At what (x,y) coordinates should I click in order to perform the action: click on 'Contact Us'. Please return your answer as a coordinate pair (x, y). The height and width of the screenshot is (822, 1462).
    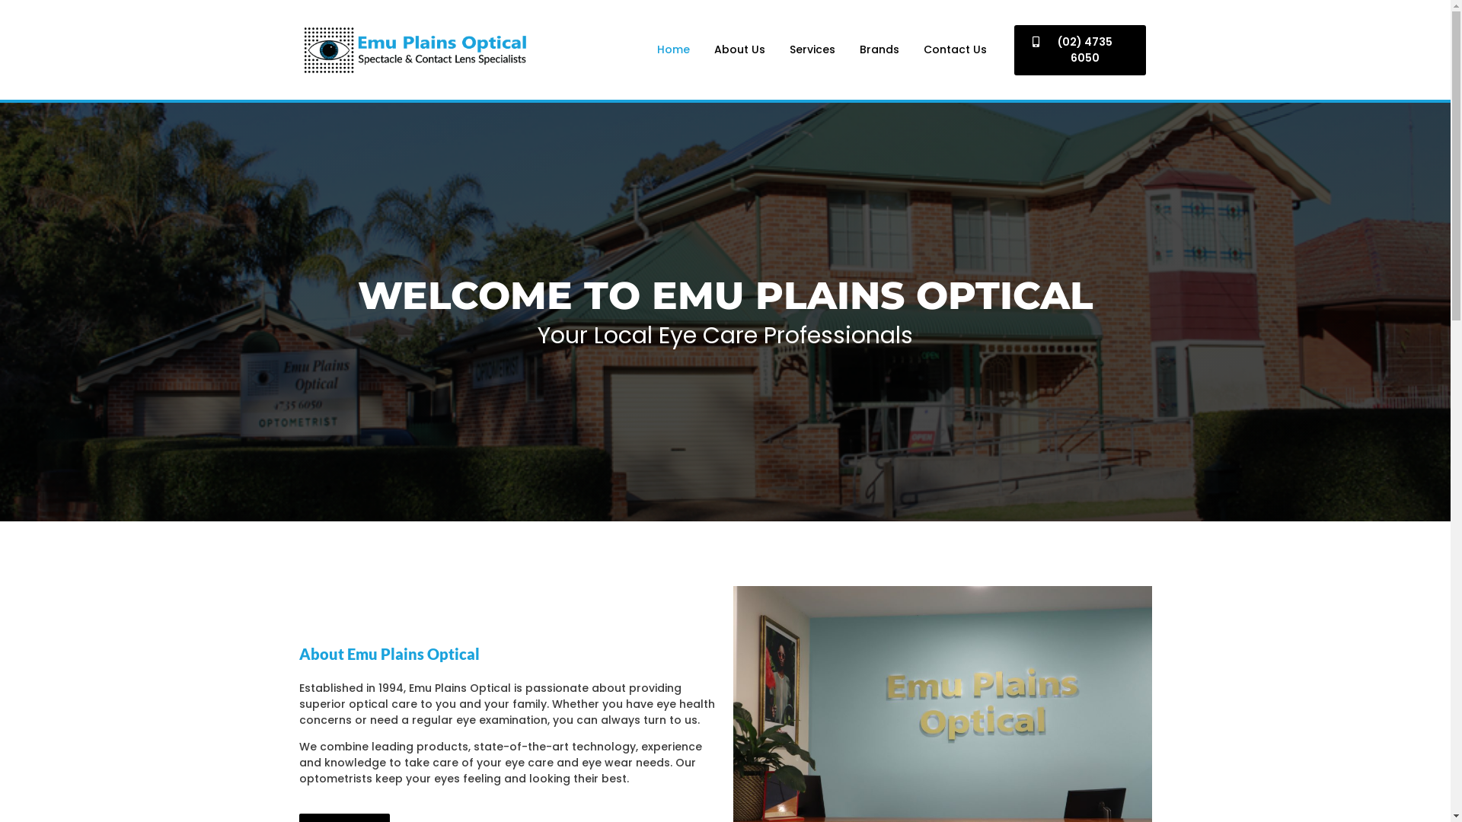
    Looking at the image, I should click on (954, 49).